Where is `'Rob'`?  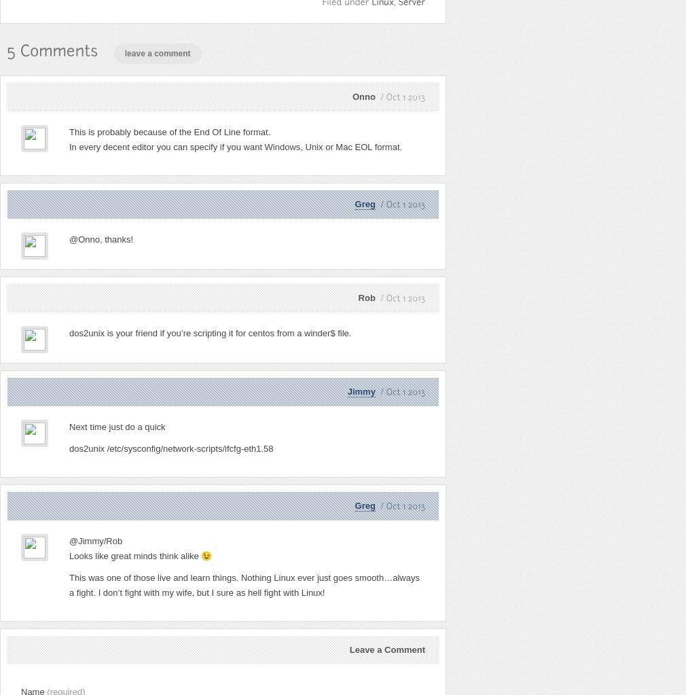 'Rob' is located at coordinates (367, 297).